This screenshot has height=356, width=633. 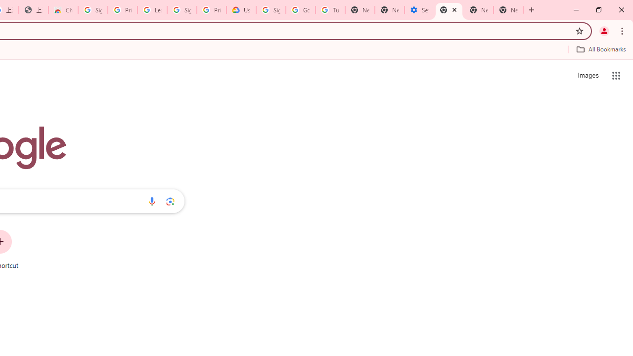 I want to click on 'Chrome Web Store - Color themes by Chrome', so click(x=63, y=10).